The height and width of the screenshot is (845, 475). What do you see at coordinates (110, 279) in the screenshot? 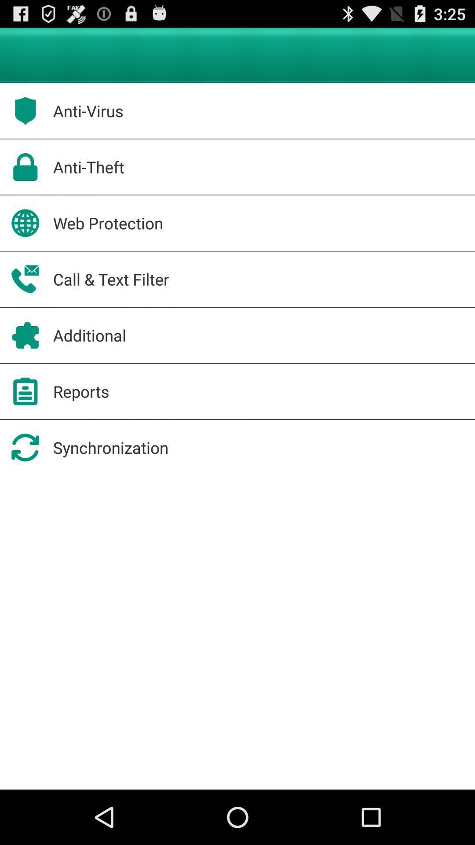
I see `the item above the additional` at bounding box center [110, 279].